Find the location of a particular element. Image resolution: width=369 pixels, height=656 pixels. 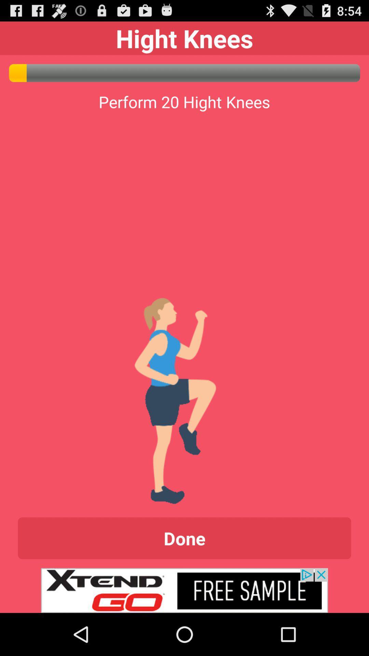

open advertisement is located at coordinates (184, 590).